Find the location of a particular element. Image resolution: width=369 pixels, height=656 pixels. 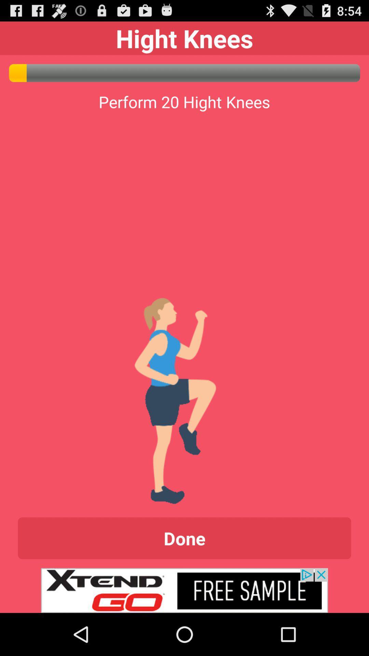

open advertisement is located at coordinates (184, 590).